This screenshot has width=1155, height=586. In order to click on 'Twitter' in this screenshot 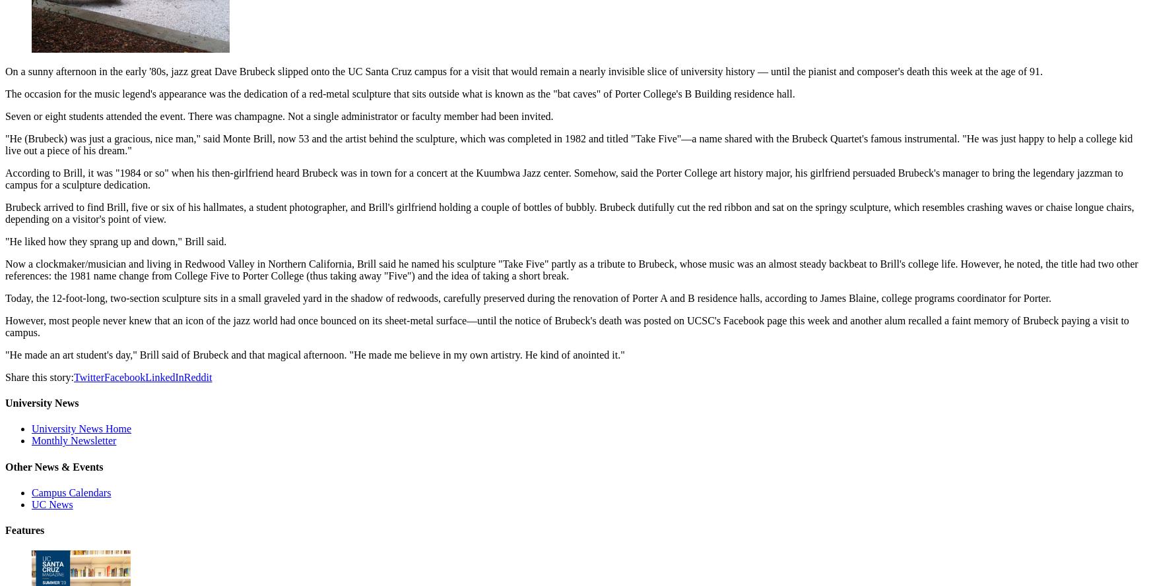, I will do `click(88, 376)`.